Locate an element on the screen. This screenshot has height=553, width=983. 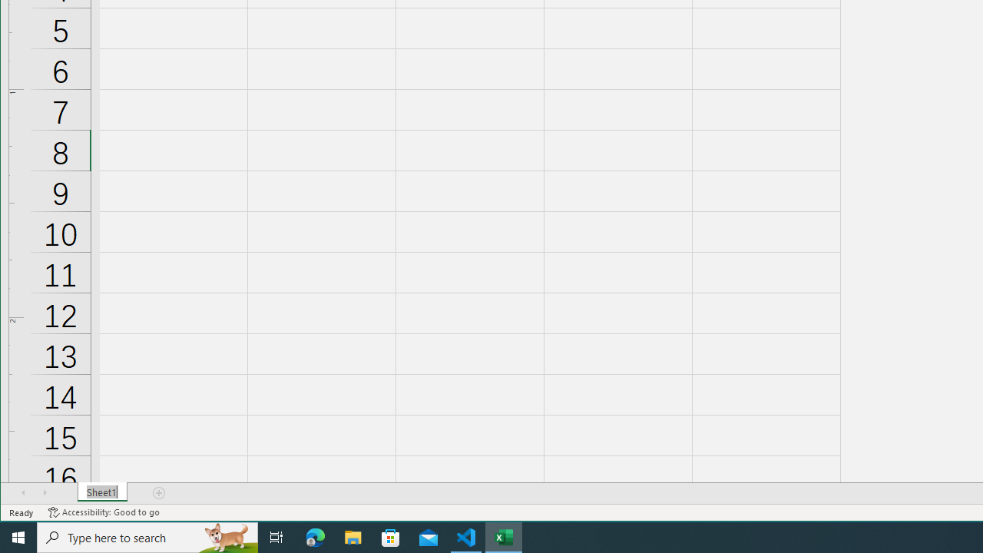
'Visual Studio Code - 1 running window' is located at coordinates (465, 536).